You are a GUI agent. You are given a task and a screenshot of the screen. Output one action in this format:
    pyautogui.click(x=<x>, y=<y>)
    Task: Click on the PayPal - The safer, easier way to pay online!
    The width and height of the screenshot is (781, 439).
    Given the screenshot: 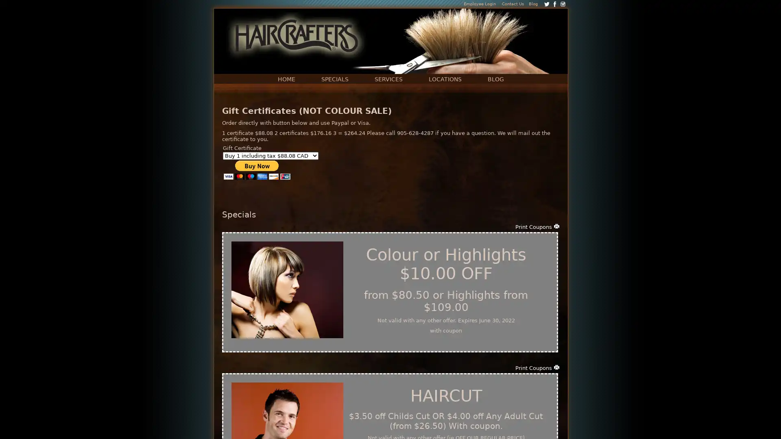 What is the action you would take?
    pyautogui.click(x=256, y=170)
    